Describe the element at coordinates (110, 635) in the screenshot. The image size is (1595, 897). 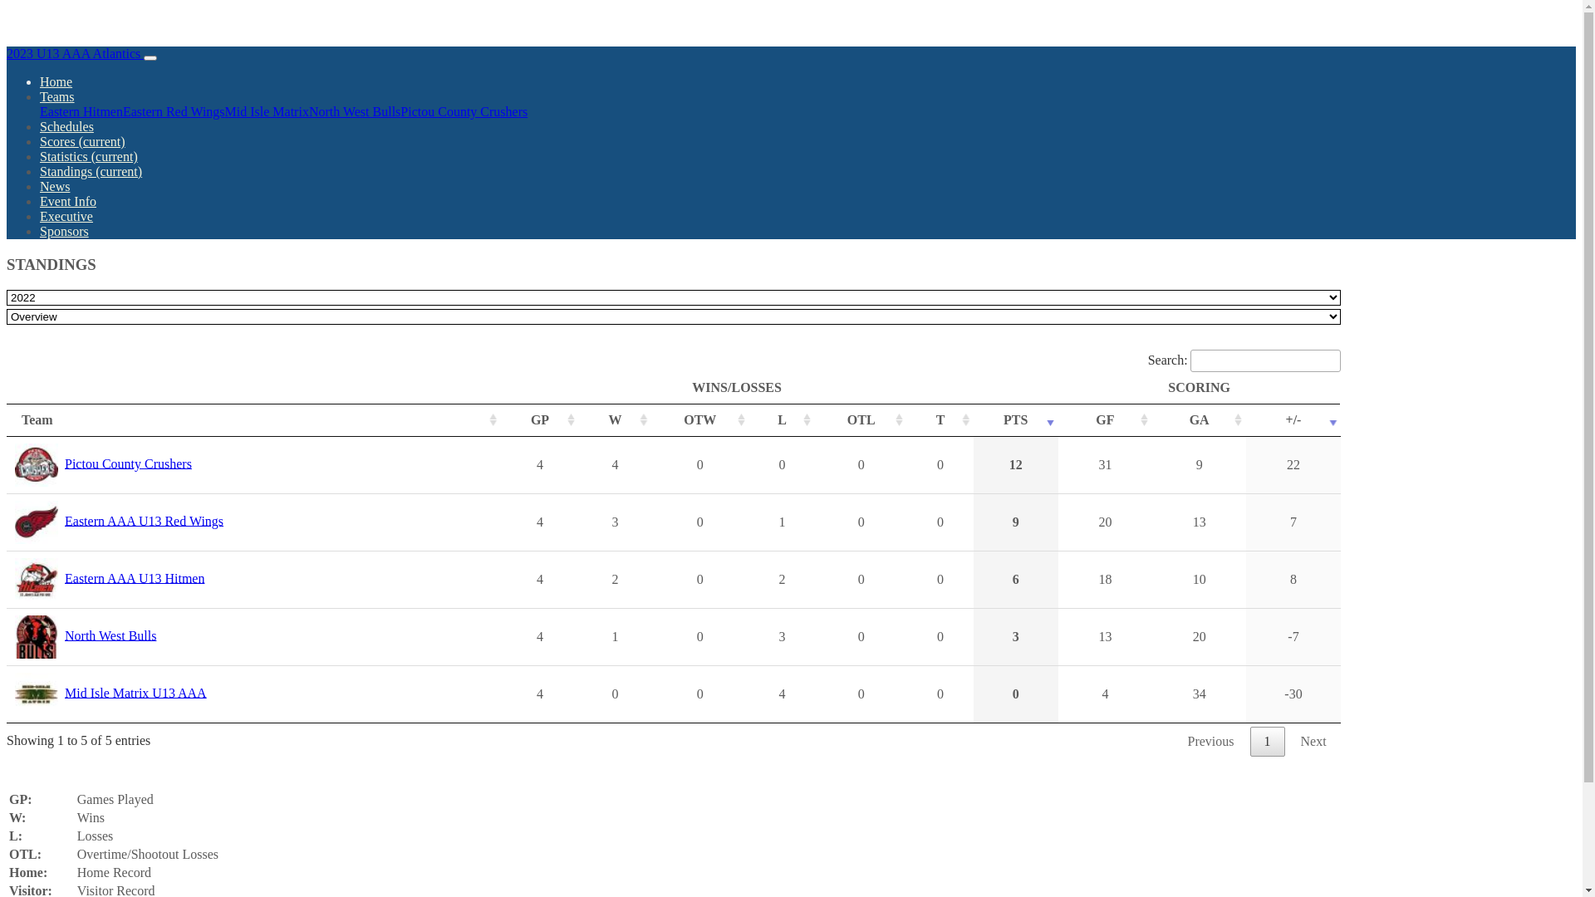
I see `'North West Bulls'` at that location.